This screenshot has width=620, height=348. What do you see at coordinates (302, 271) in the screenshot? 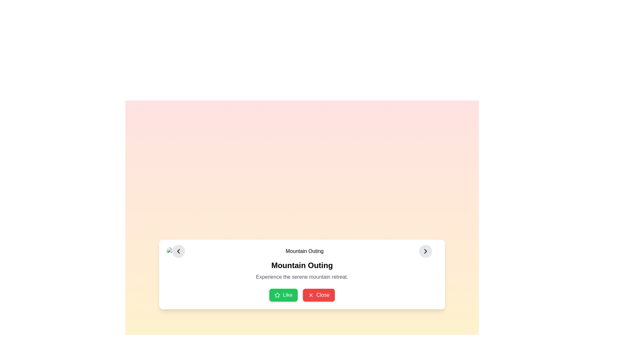
I see `text displayed in the text block titled 'Mountain Outing' which contains the supporting text 'Experience the serene mountain retreat.'` at bounding box center [302, 271].